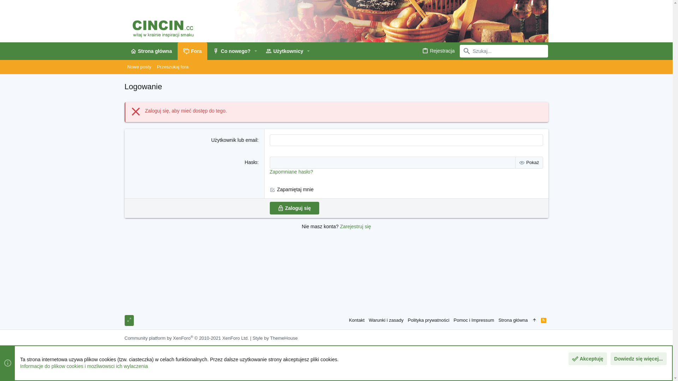 The width and height of the screenshot is (678, 381). Describe the element at coordinates (543, 320) in the screenshot. I see `'RSS'` at that location.